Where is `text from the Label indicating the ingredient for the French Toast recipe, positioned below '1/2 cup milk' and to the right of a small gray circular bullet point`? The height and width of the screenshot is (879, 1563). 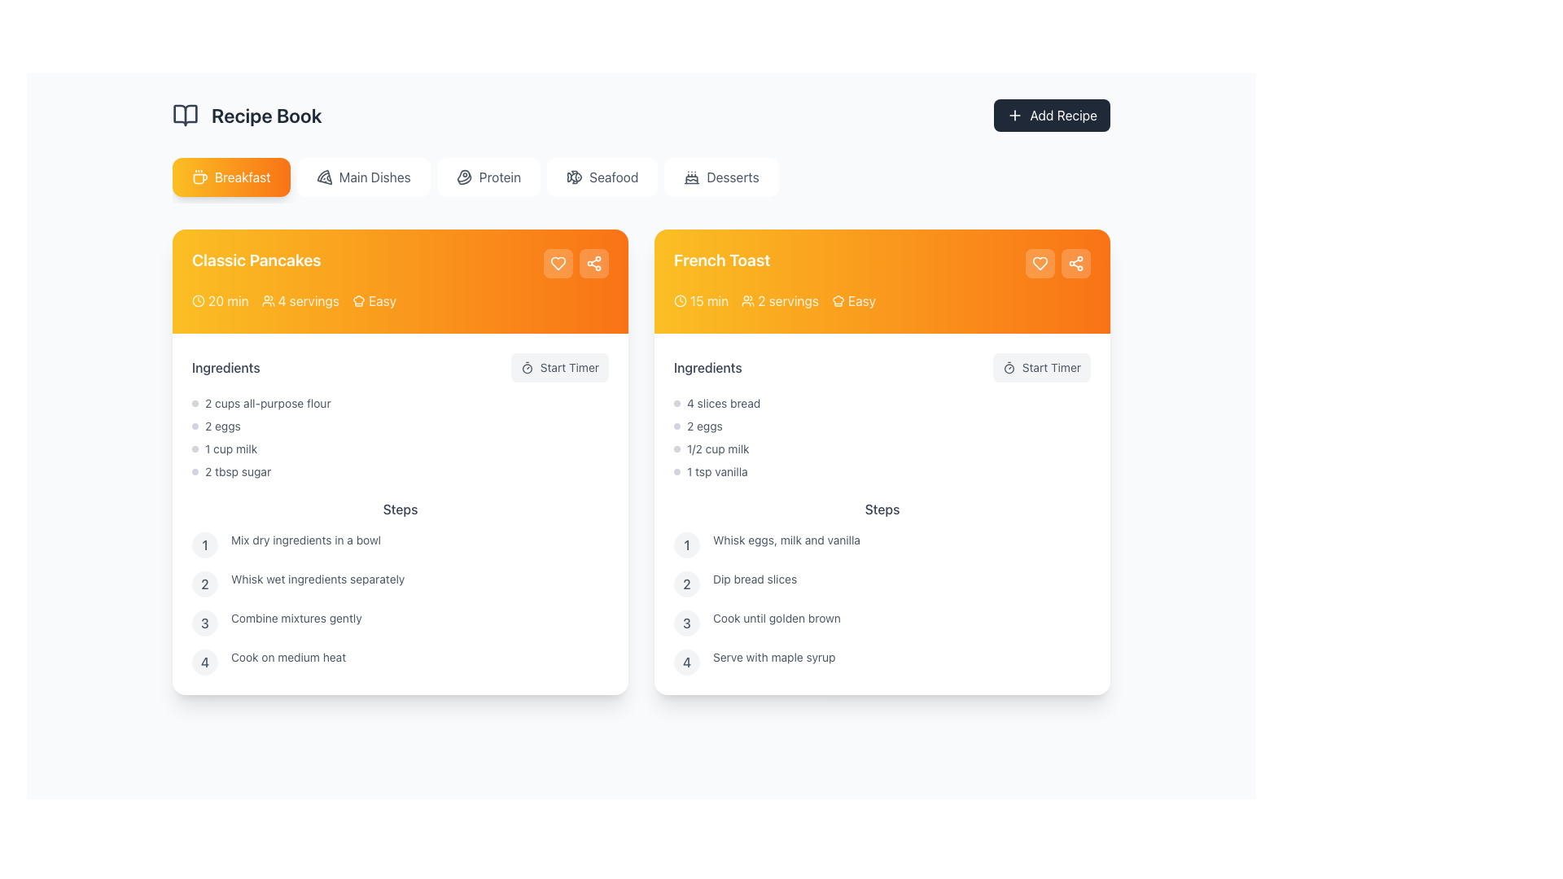
text from the Label indicating the ingredient for the French Toast recipe, positioned below '1/2 cup milk' and to the right of a small gray circular bullet point is located at coordinates (716, 471).